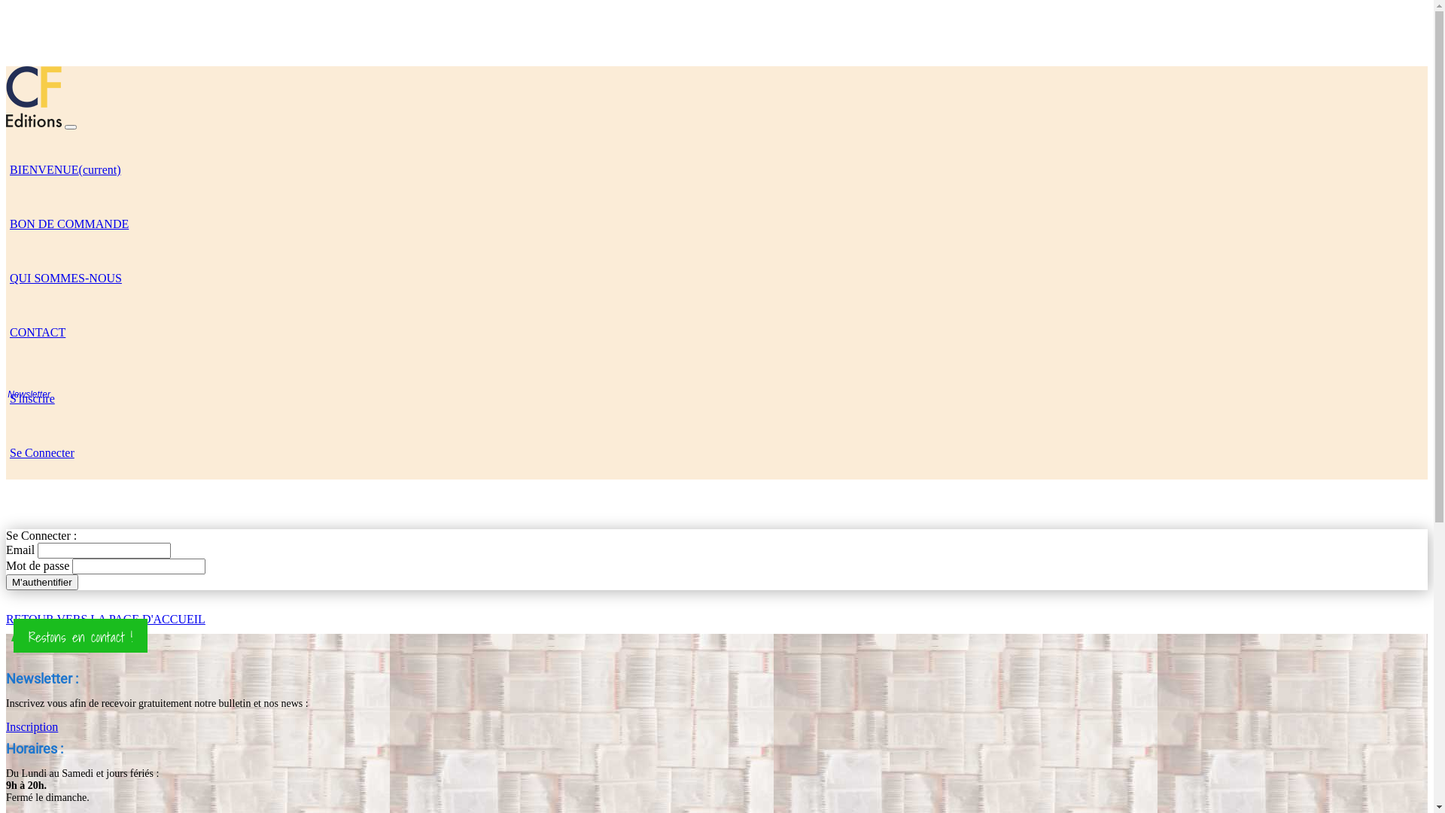 The height and width of the screenshot is (813, 1445). Describe the element at coordinates (6, 397) in the screenshot. I see `'Newsletter` at that location.